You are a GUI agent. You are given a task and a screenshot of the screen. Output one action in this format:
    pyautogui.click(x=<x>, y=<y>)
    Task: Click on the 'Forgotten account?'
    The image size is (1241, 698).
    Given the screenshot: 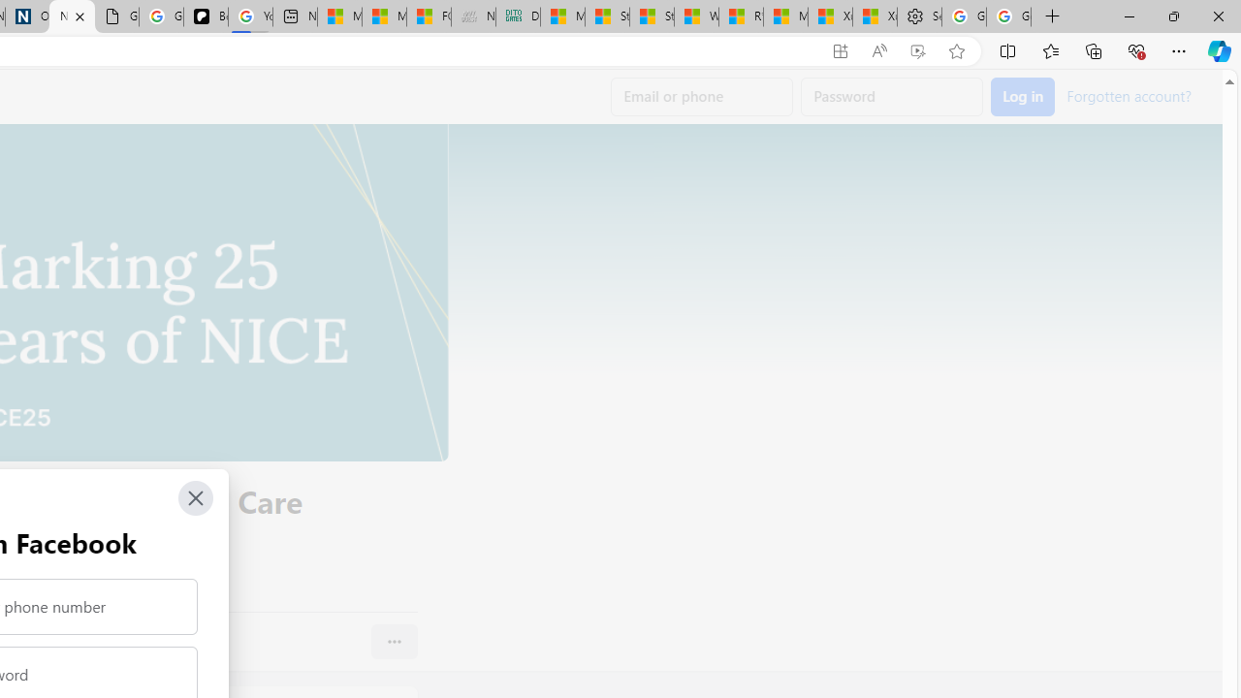 What is the action you would take?
    pyautogui.click(x=1129, y=95)
    